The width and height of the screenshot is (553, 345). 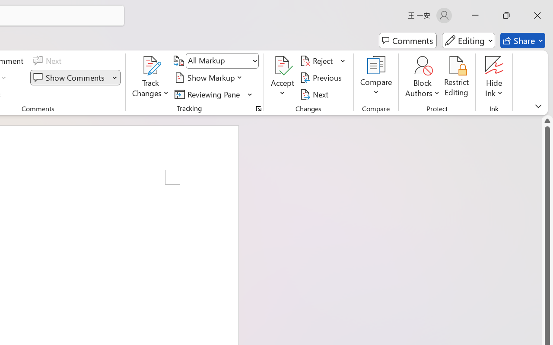 I want to click on 'Display for Review', so click(x=222, y=61).